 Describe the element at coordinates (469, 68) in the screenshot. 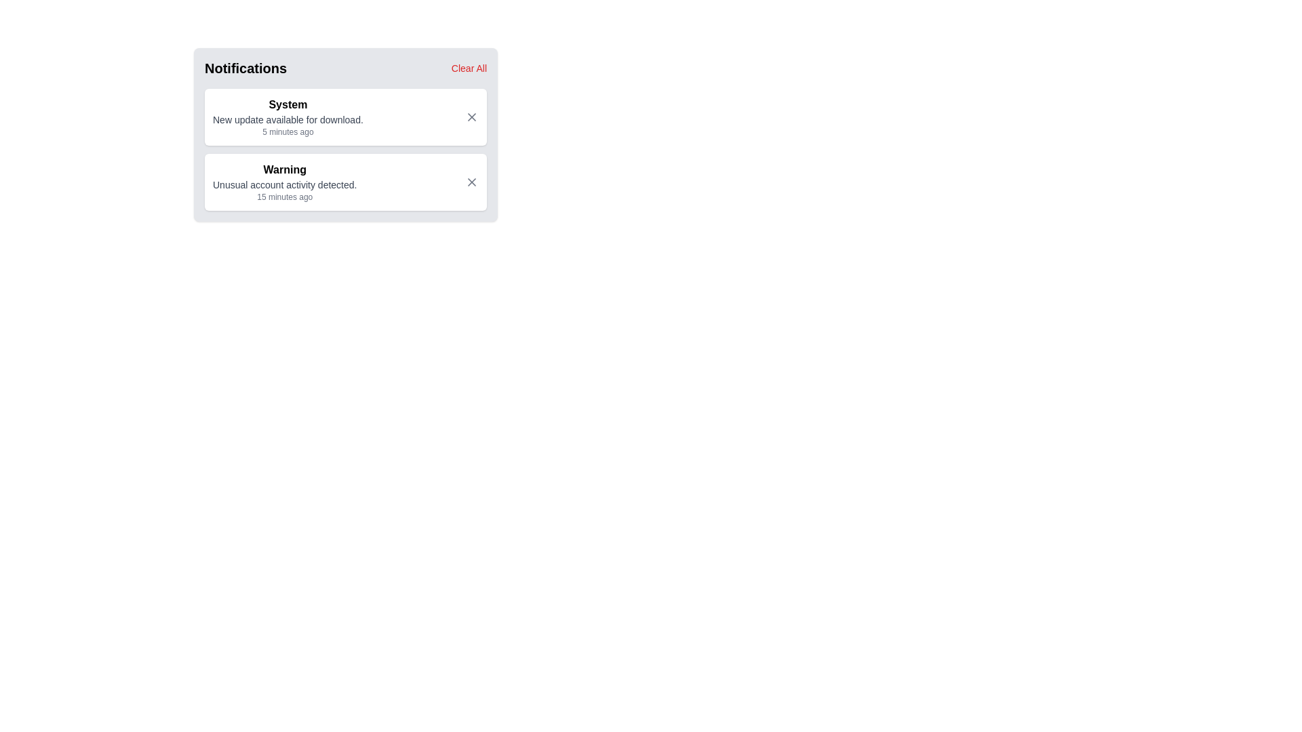

I see `the clear notifications button located at the top right of the notification panel, adjacent to the 'Notifications' heading` at that location.